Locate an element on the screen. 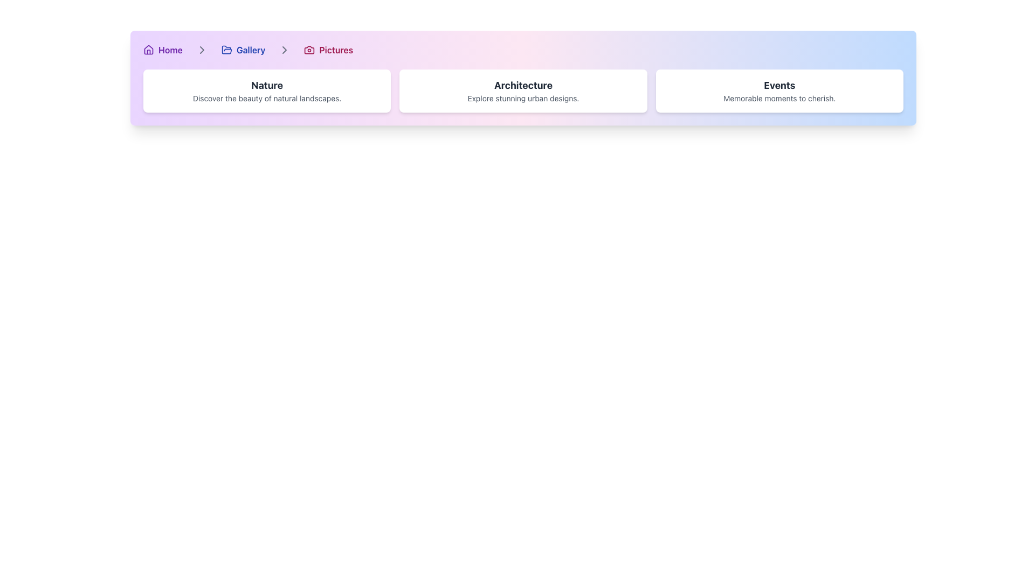 The height and width of the screenshot is (582, 1035). the static Text label in the breadcrumb navigation, which is the last item after 'Gallery' and to the right of the camera icon is located at coordinates (335, 50).